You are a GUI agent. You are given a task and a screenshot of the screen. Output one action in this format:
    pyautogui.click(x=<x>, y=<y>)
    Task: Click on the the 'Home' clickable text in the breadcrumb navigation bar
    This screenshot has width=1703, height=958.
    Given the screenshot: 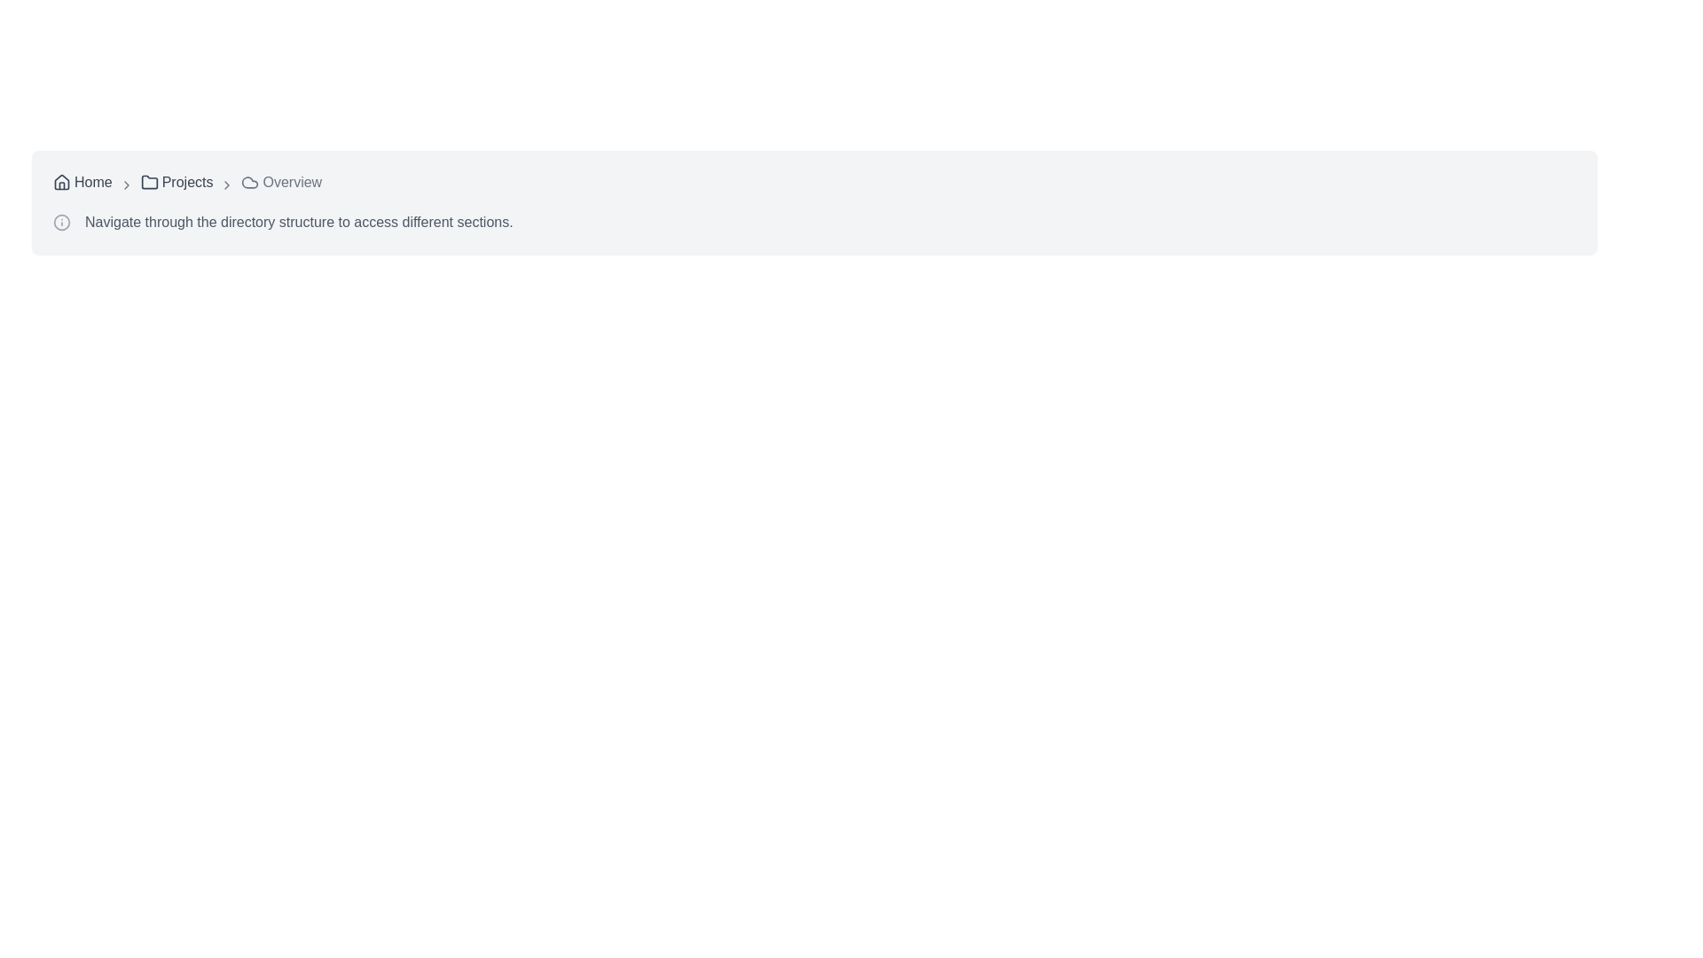 What is the action you would take?
    pyautogui.click(x=82, y=185)
    